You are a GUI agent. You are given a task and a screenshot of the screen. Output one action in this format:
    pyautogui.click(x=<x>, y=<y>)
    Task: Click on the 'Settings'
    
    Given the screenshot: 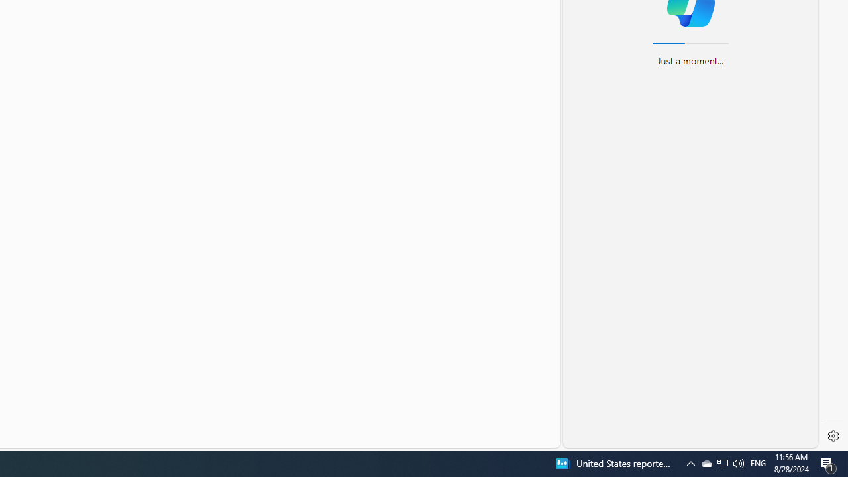 What is the action you would take?
    pyautogui.click(x=833, y=436)
    